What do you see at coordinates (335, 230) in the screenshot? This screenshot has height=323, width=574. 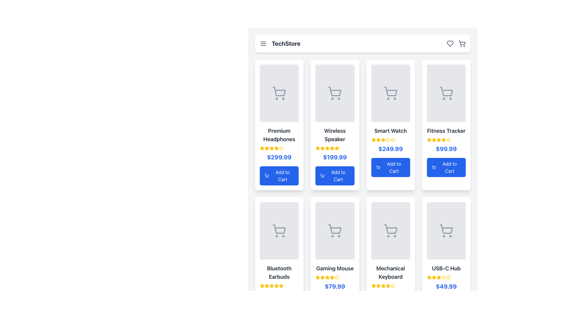 I see `the image placeholder representing the product 'Gaming Mouse' located in the card in the third column's second row, above the price text` at bounding box center [335, 230].